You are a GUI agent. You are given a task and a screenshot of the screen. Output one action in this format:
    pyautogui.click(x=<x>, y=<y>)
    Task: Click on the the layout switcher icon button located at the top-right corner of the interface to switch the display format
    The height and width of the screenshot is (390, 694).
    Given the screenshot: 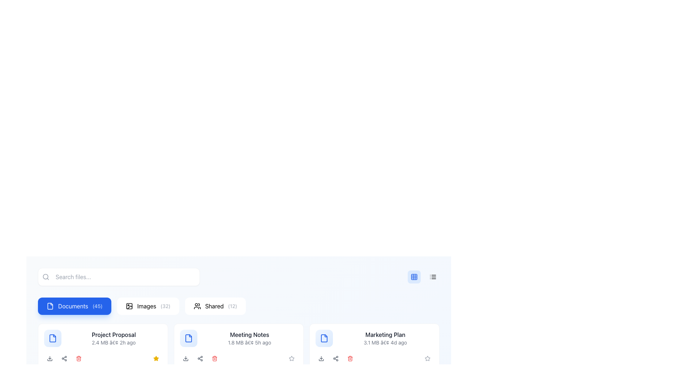 What is the action you would take?
    pyautogui.click(x=414, y=277)
    